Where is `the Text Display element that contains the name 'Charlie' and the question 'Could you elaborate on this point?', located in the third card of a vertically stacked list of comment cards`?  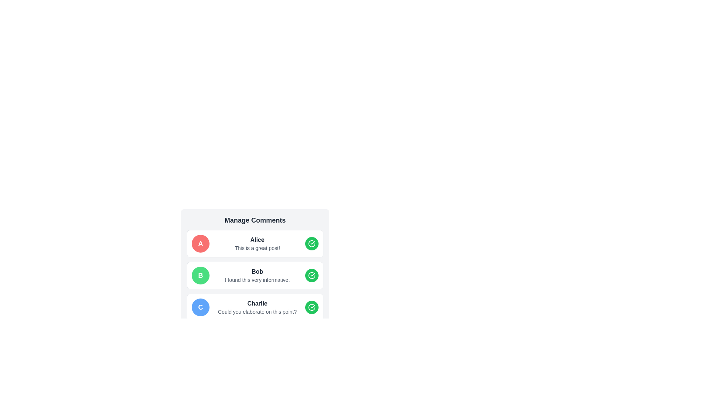
the Text Display element that contains the name 'Charlie' and the question 'Could you elaborate on this point?', located in the third card of a vertically stacked list of comment cards is located at coordinates (257, 307).